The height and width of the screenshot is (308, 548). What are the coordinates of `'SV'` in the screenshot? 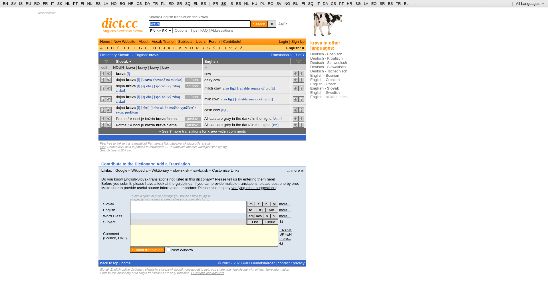 It's located at (11, 3).